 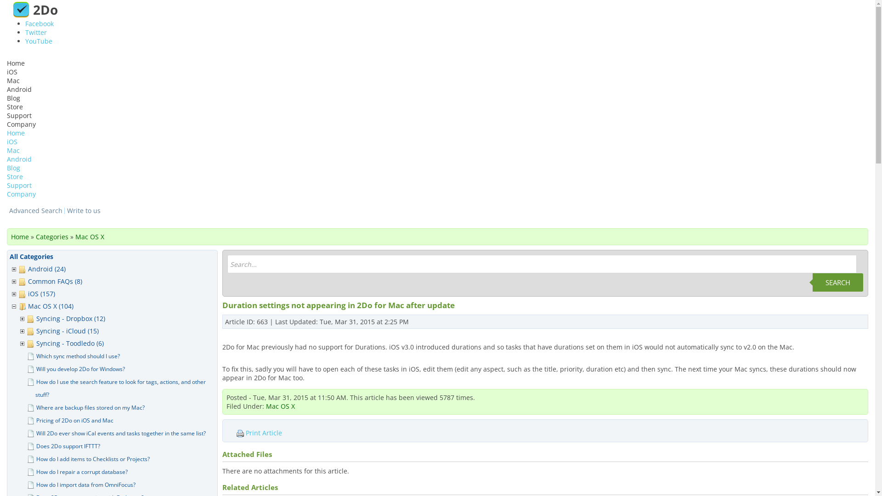 What do you see at coordinates (69, 445) in the screenshot?
I see `'Does 2Do support IFTTT?'` at bounding box center [69, 445].